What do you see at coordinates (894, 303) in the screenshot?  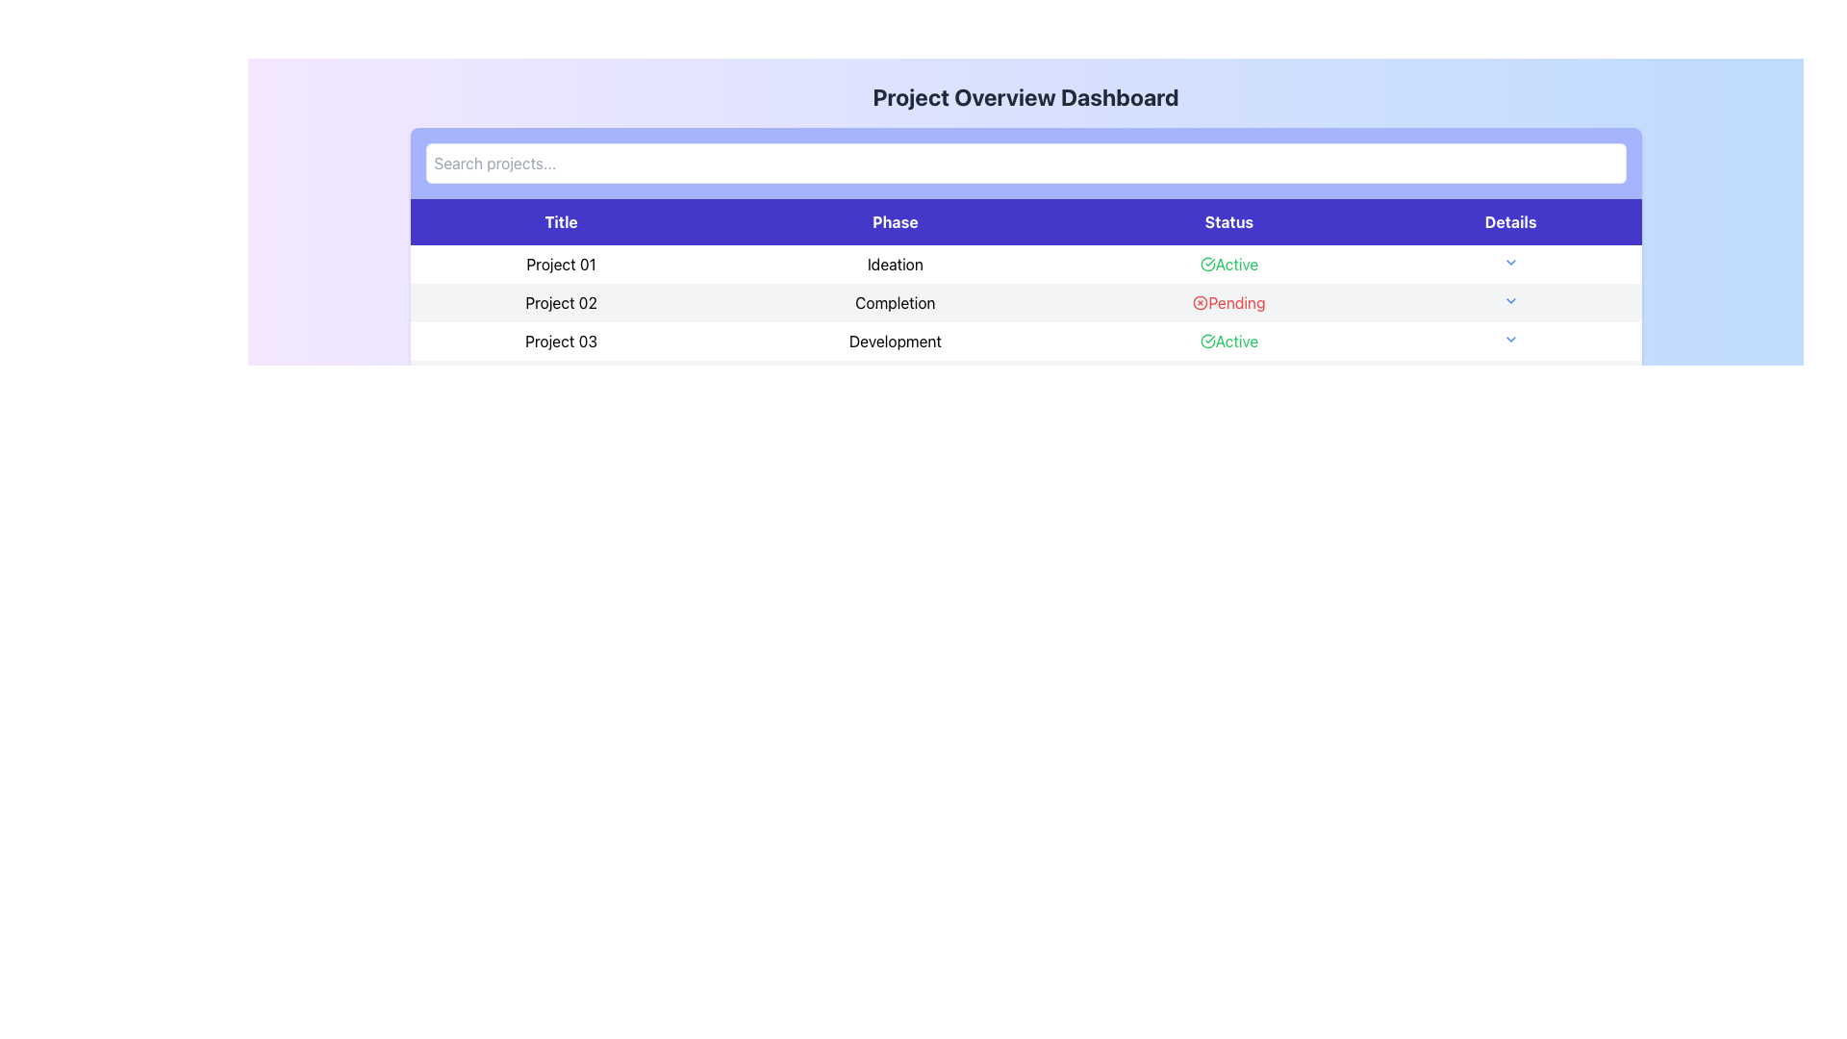 I see `the text label displaying 'Completion' in the second row of the project's table under the 'Phase' column, which is center-aligned within its cell` at bounding box center [894, 303].